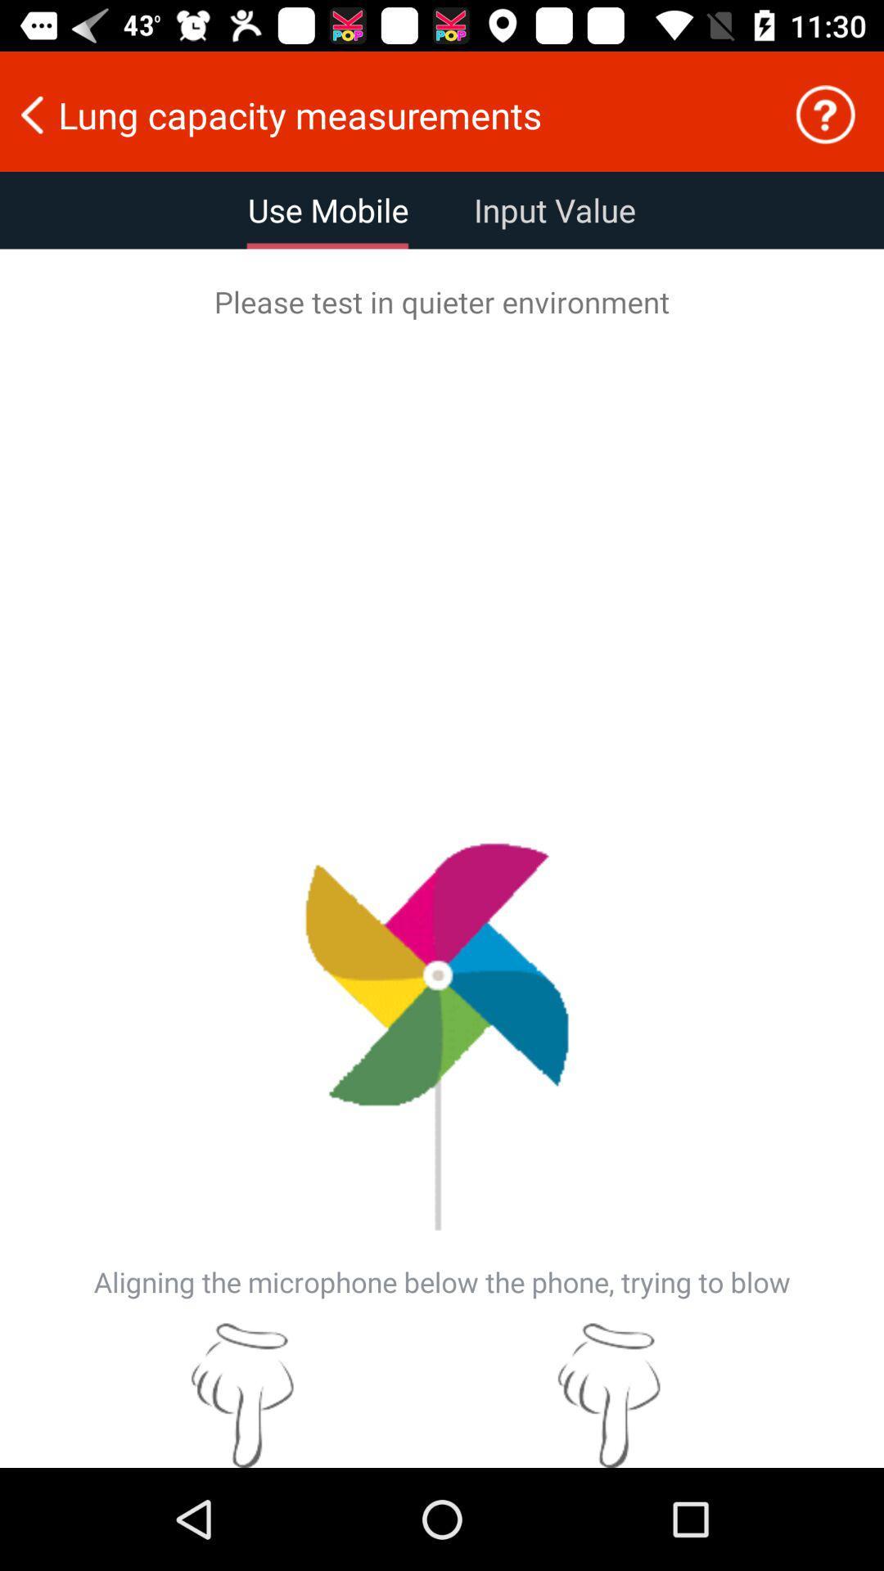 The image size is (884, 1571). What do you see at coordinates (386, 114) in the screenshot?
I see `lung capacity measurements` at bounding box center [386, 114].